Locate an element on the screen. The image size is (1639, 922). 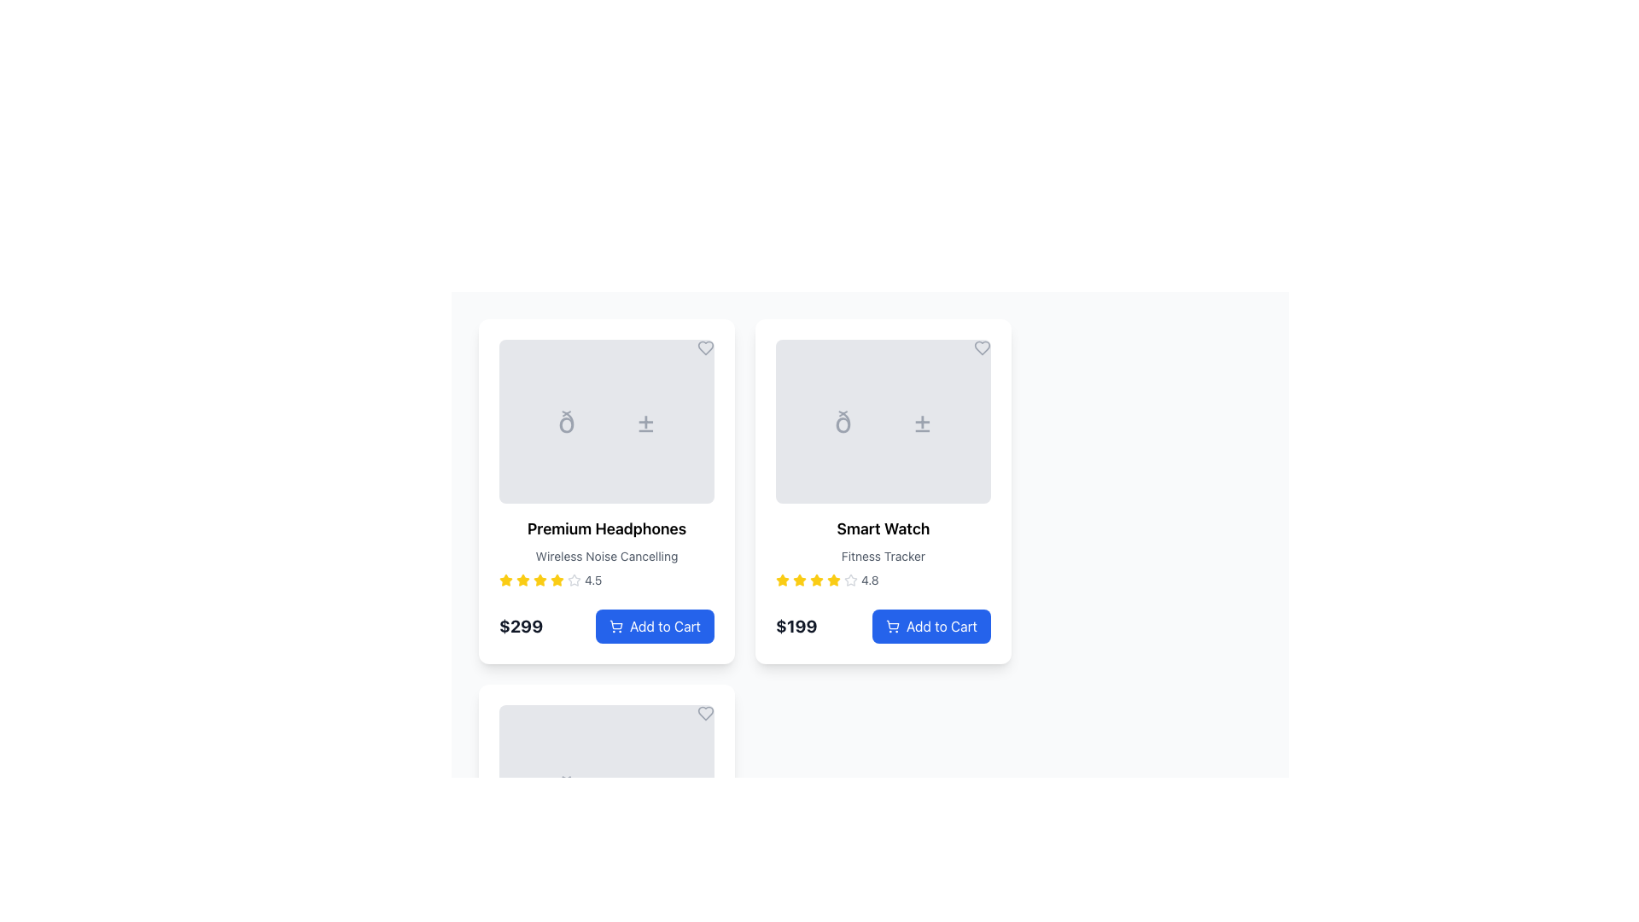
the blue 'Add to Cart' button containing the shopping cart icon for the 'Smart Watch' product is located at coordinates (892, 626).